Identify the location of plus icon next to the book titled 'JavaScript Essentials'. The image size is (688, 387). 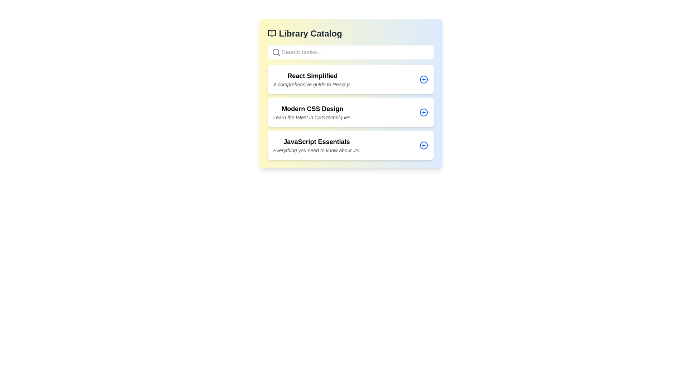
(424, 145).